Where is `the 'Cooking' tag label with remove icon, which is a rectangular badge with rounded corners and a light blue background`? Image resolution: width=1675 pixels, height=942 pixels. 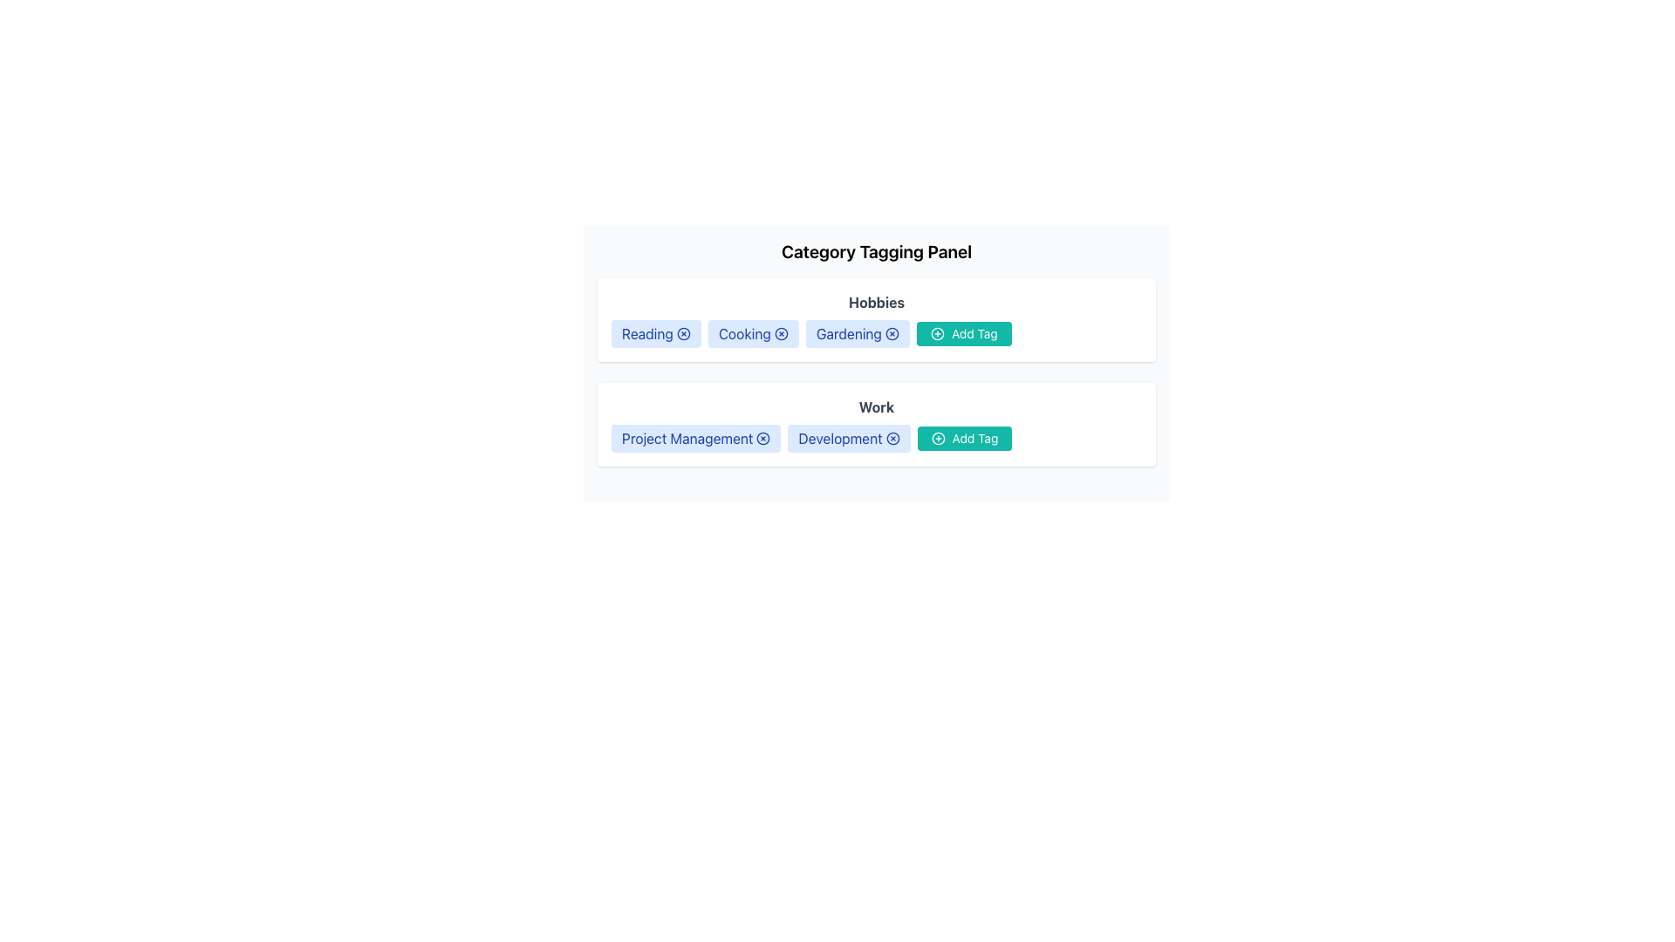 the 'Cooking' tag label with remove icon, which is a rectangular badge with rounded corners and a light blue background is located at coordinates (753, 333).